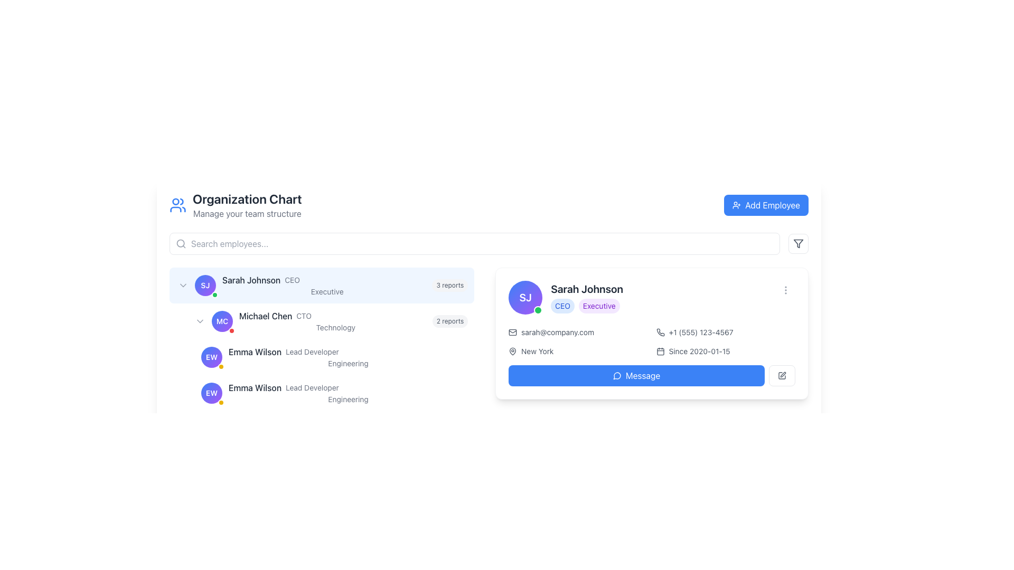  What do you see at coordinates (660, 351) in the screenshot?
I see `the calendar icon representing the start date associated with Sarah Johnson's professional details` at bounding box center [660, 351].